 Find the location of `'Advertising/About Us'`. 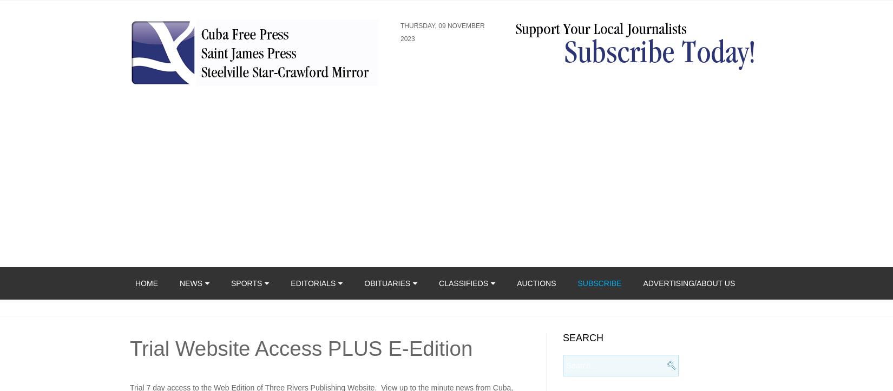

'Advertising/About Us' is located at coordinates (643, 283).